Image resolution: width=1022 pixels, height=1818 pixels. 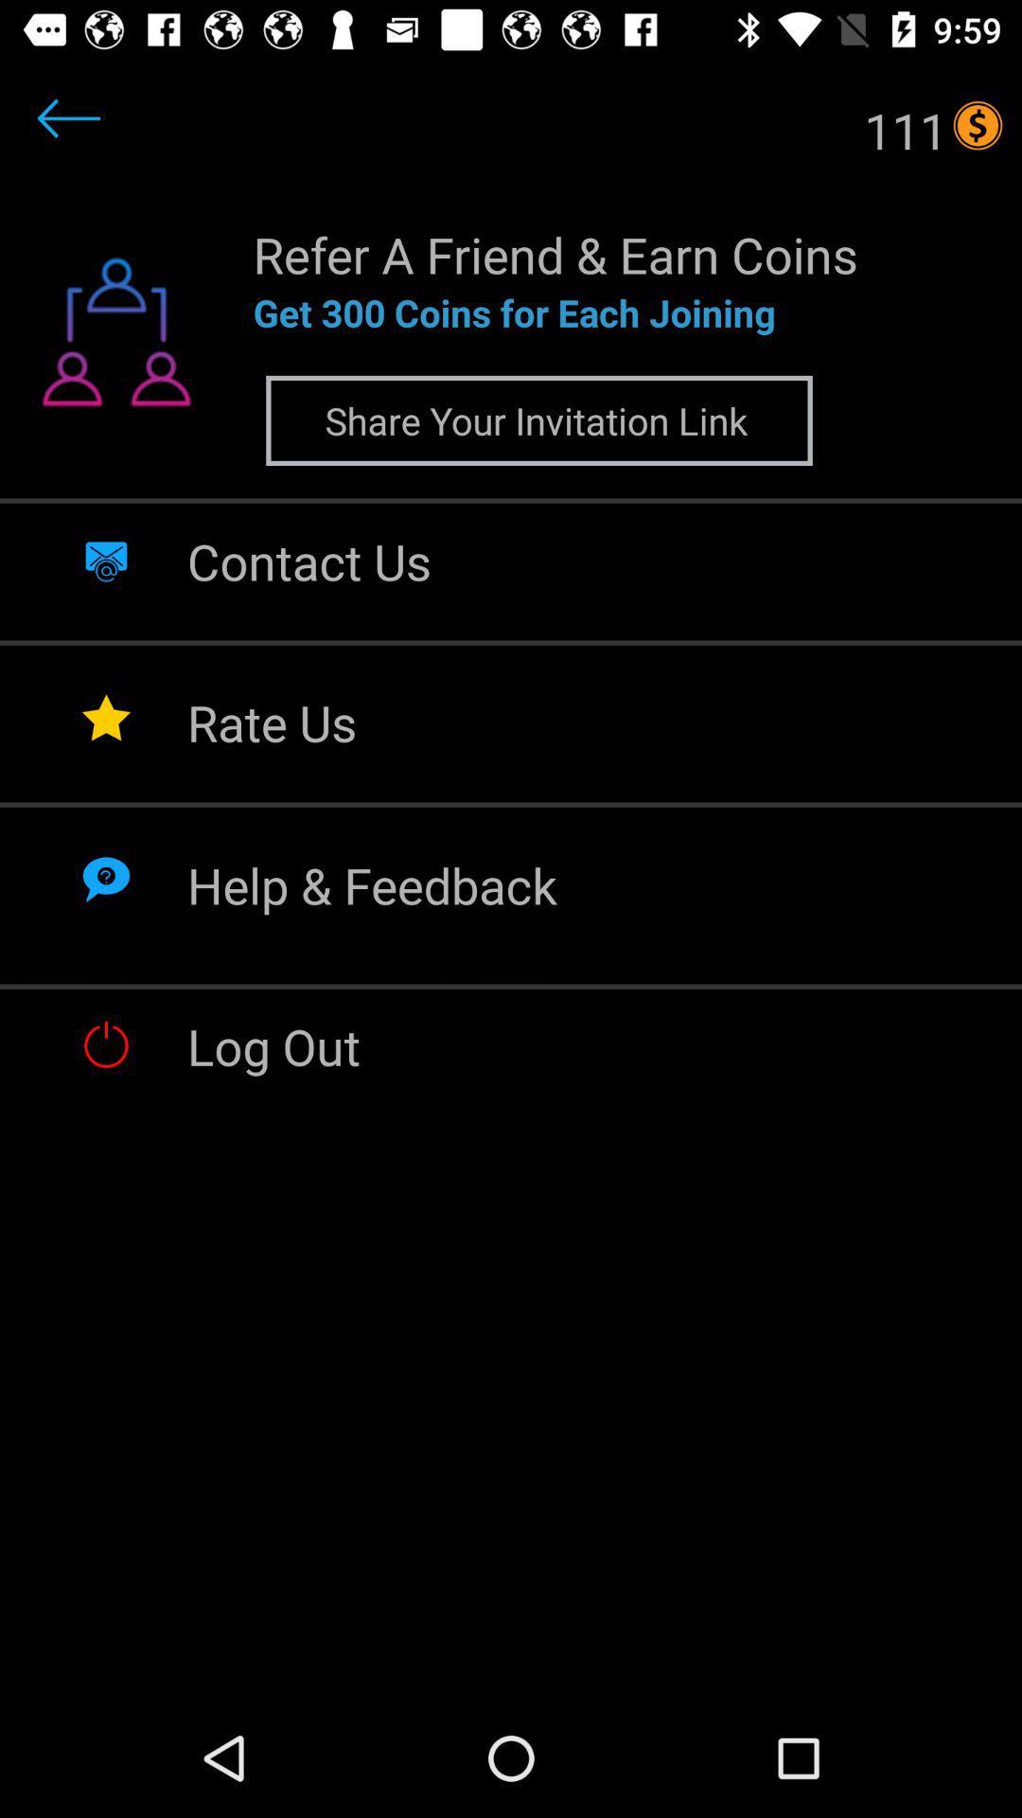 I want to click on the message icon under the share your invitation link, so click(x=106, y=558).